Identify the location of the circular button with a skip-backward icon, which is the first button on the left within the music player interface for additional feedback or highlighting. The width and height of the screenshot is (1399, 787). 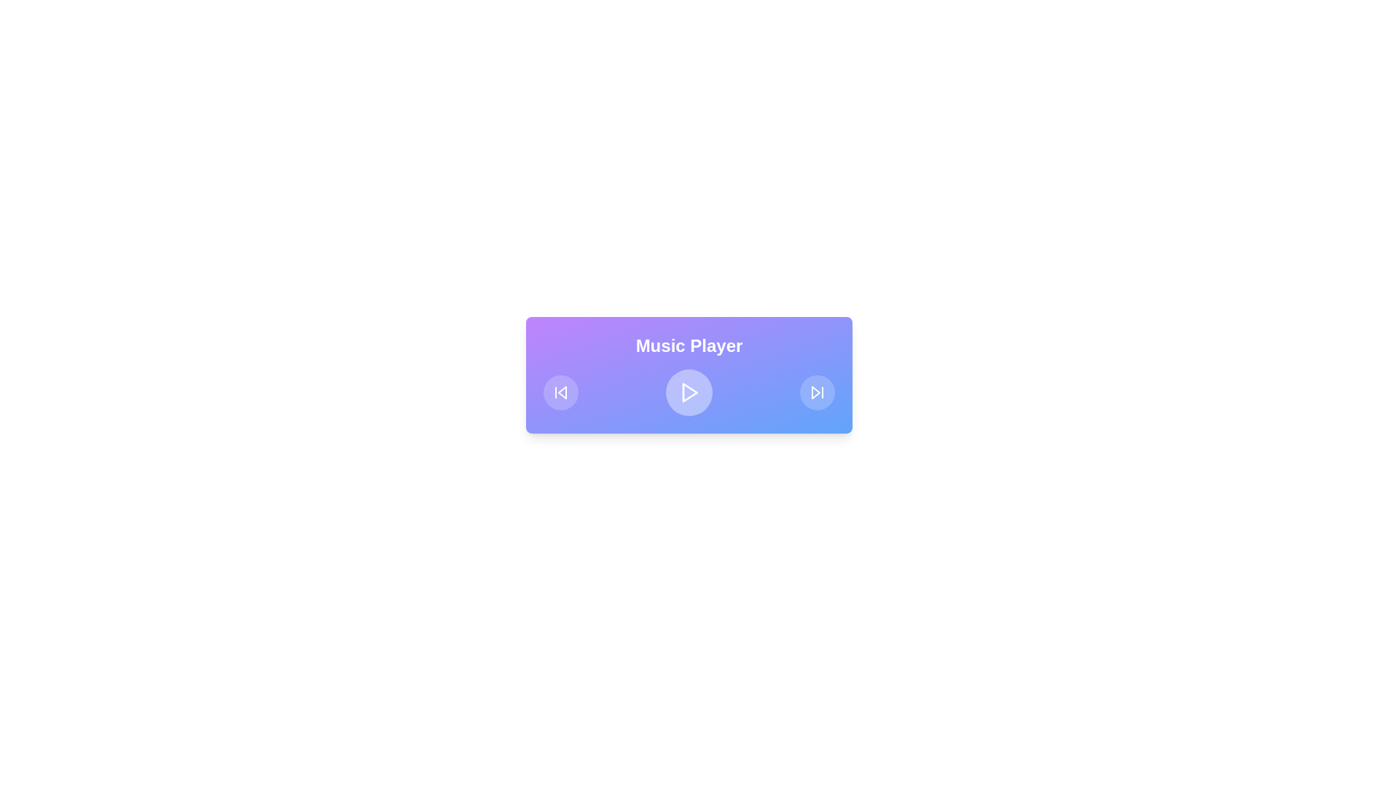
(560, 392).